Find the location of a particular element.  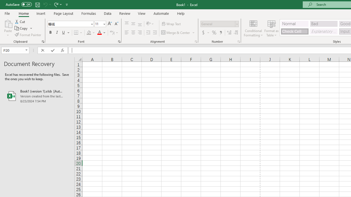

'Middle Align' is located at coordinates (133, 24).